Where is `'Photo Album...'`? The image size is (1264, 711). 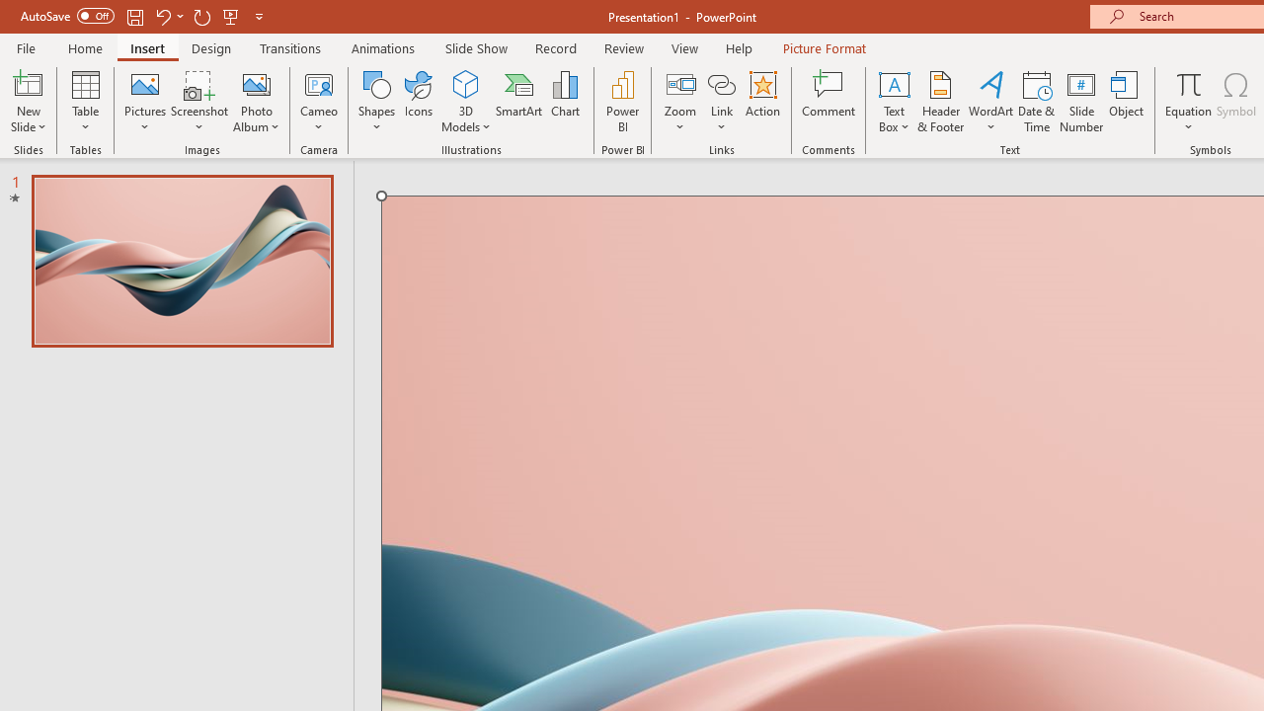 'Photo Album...' is located at coordinates (255, 102).